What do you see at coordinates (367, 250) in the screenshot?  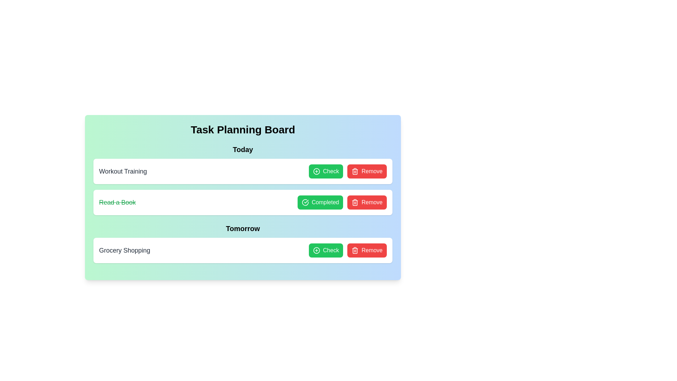 I see `the 'Remove' button for the task titled 'Grocery Shopping'` at bounding box center [367, 250].